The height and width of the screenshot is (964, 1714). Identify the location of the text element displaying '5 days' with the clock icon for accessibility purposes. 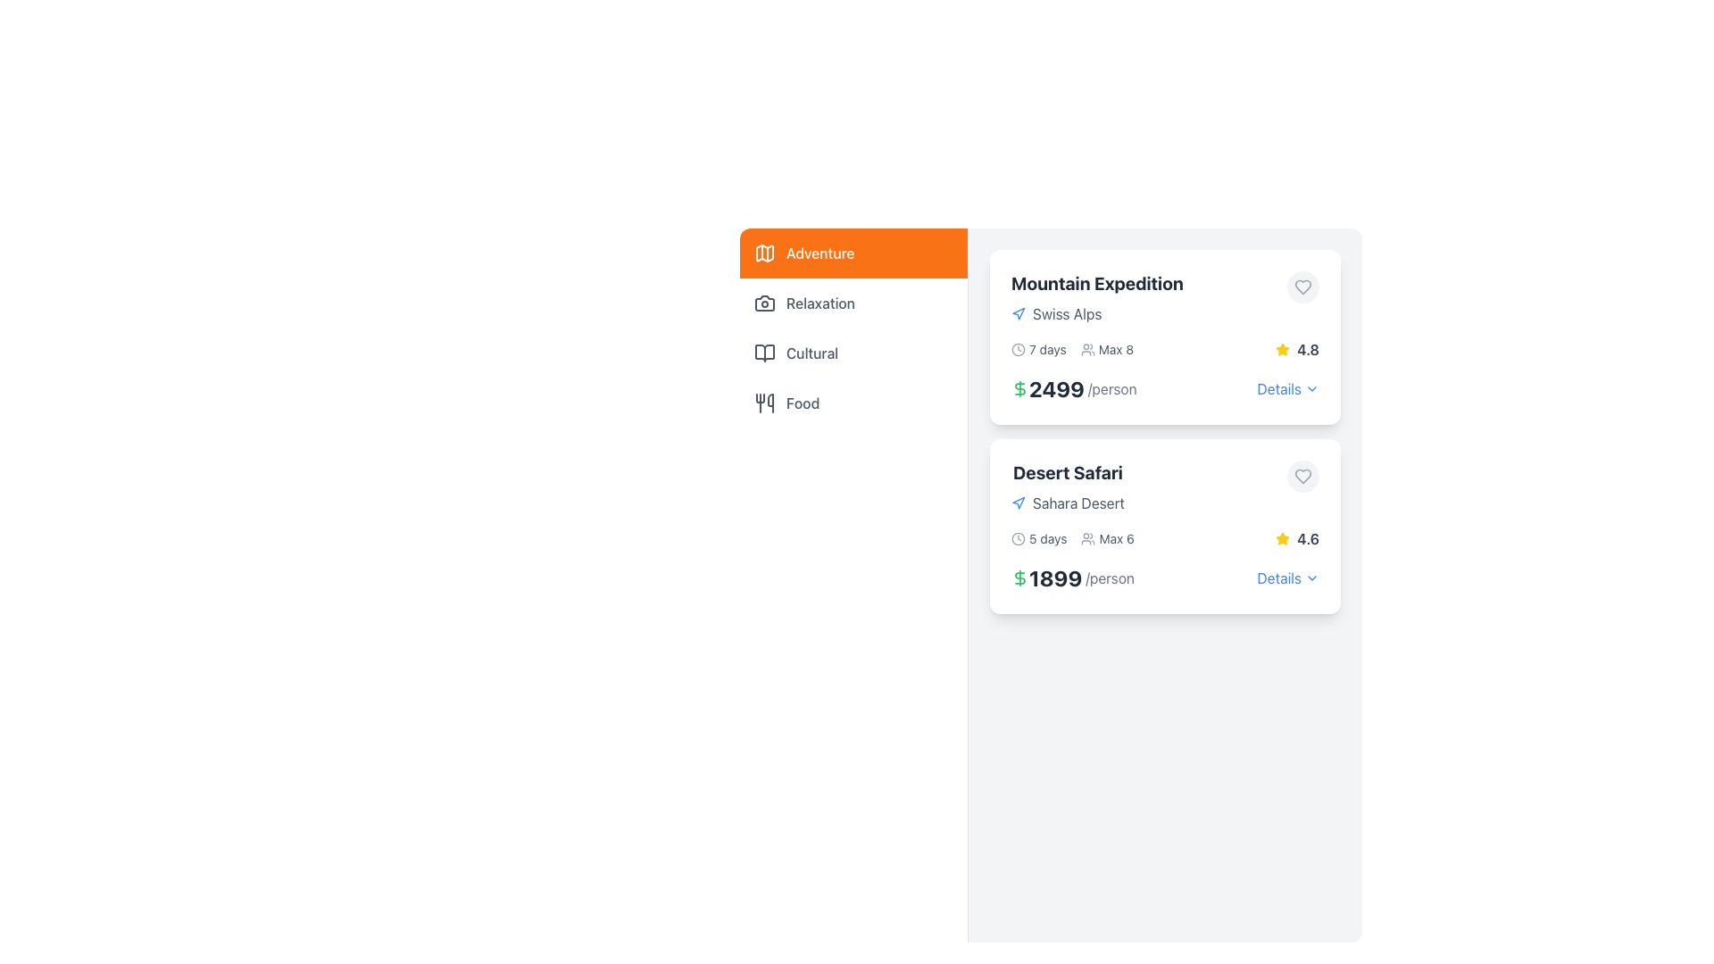
(1039, 538).